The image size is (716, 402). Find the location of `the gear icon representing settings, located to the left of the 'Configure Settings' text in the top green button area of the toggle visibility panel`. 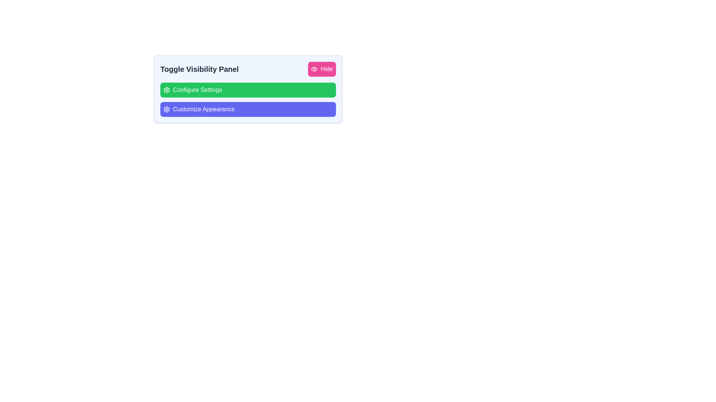

the gear icon representing settings, located to the left of the 'Configure Settings' text in the top green button area of the toggle visibility panel is located at coordinates (166, 90).